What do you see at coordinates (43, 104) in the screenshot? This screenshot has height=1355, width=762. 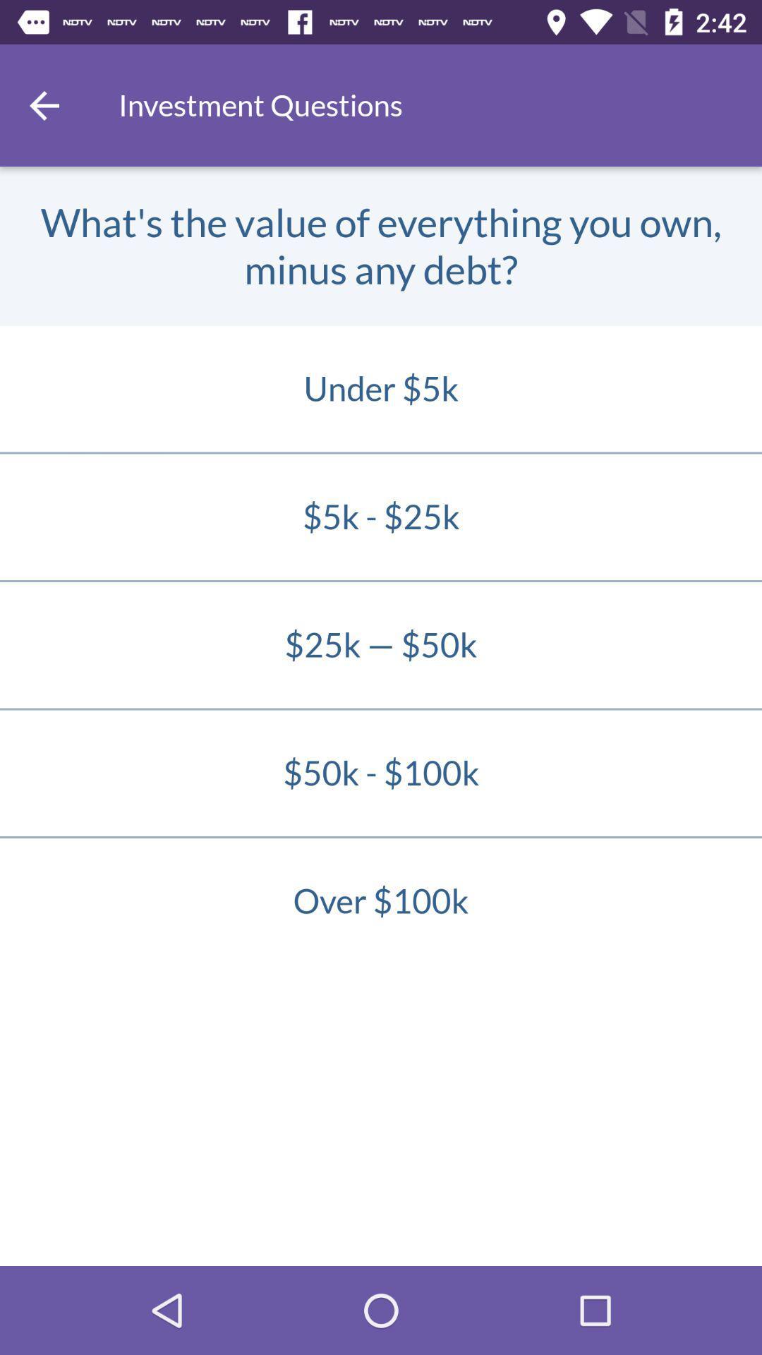 I see `the icon above the what s the icon` at bounding box center [43, 104].